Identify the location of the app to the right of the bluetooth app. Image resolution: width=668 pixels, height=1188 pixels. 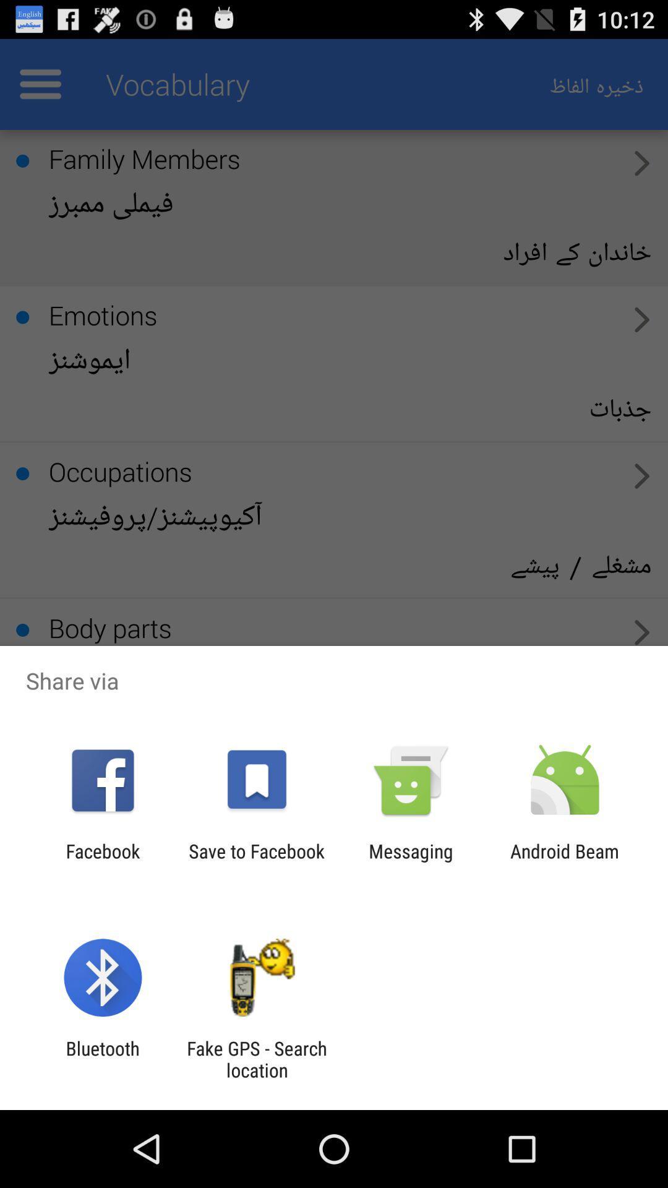
(256, 1059).